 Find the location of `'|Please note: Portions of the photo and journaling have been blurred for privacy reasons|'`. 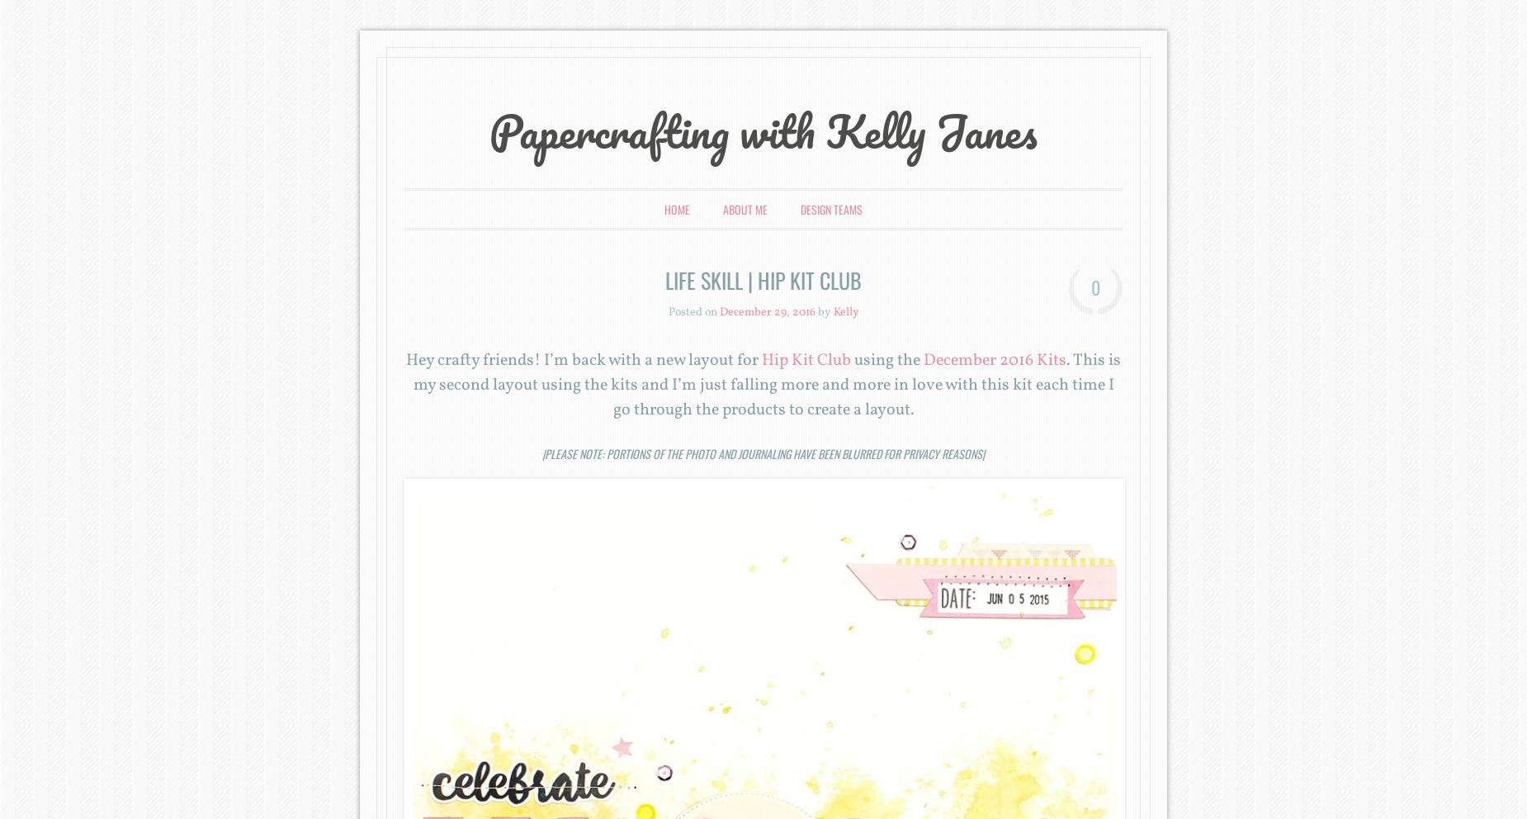

'|Please note: Portions of the photo and journaling have been blurred for privacy reasons|' is located at coordinates (541, 453).